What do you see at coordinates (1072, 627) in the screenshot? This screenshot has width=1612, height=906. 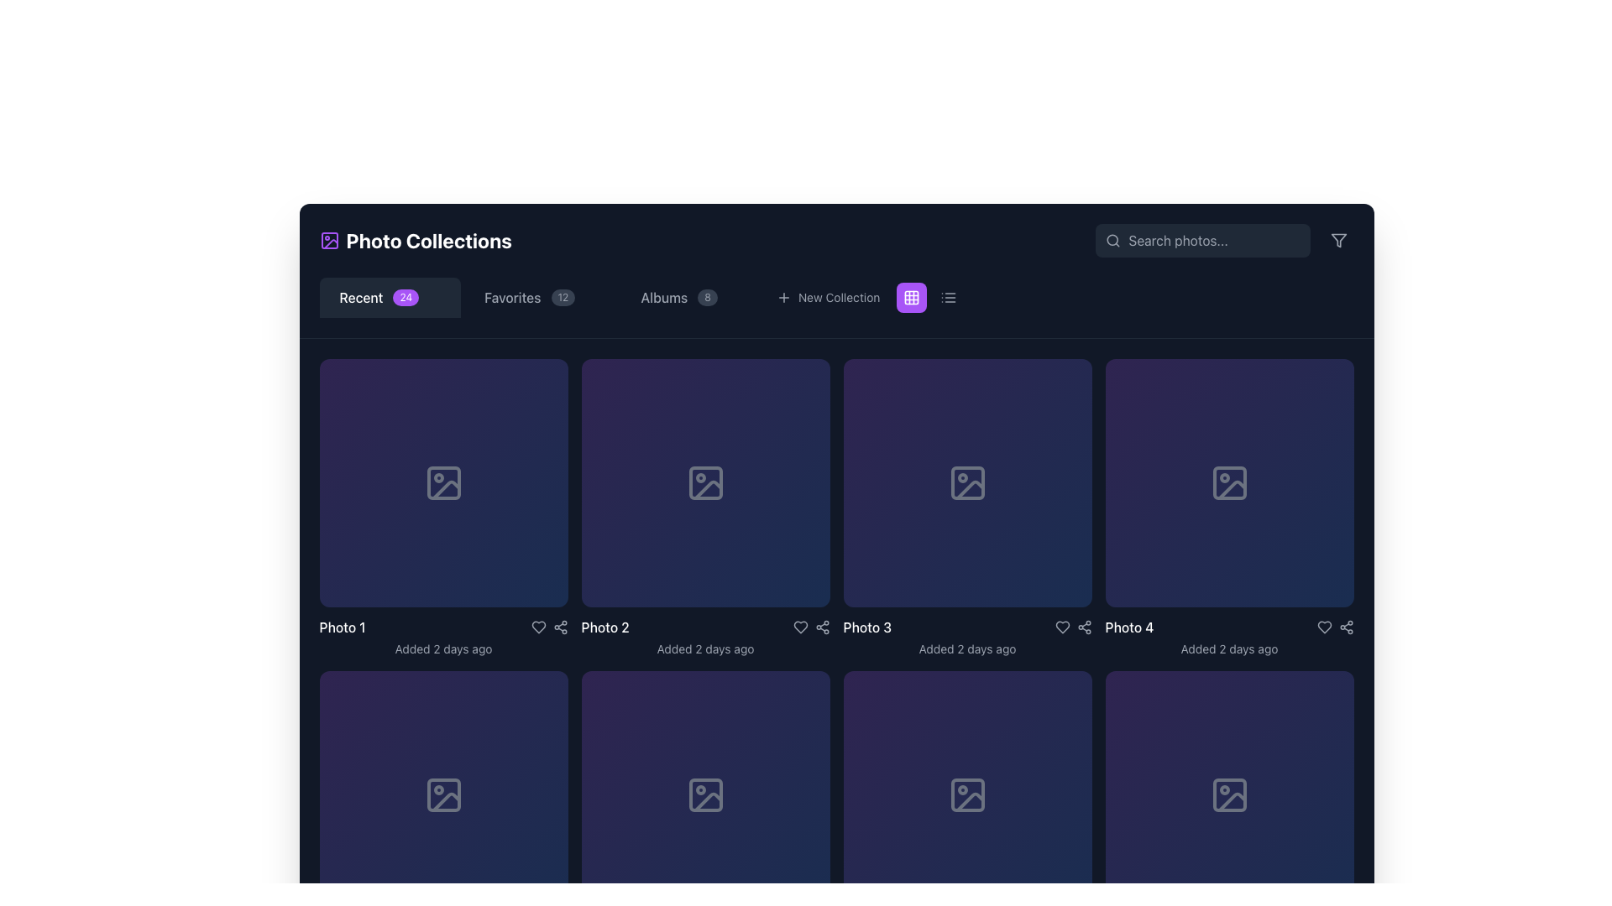 I see `the share icon in the footer section of 'Photo 3'` at bounding box center [1072, 627].